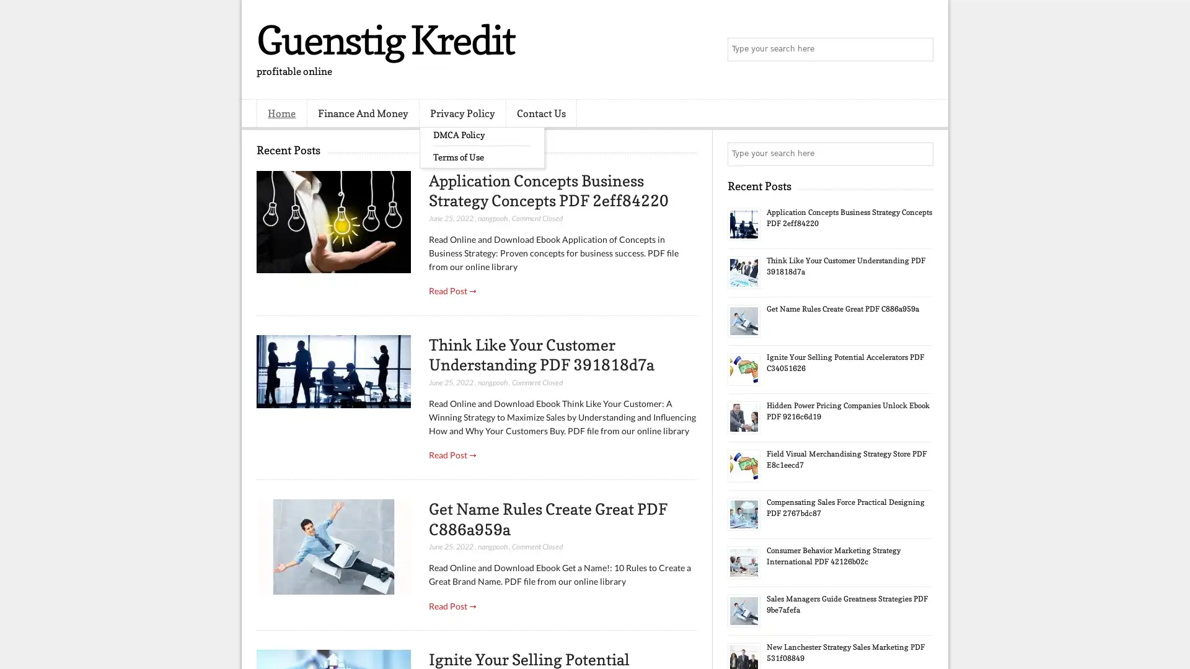 Image resolution: width=1190 pixels, height=669 pixels. I want to click on Search, so click(920, 50).